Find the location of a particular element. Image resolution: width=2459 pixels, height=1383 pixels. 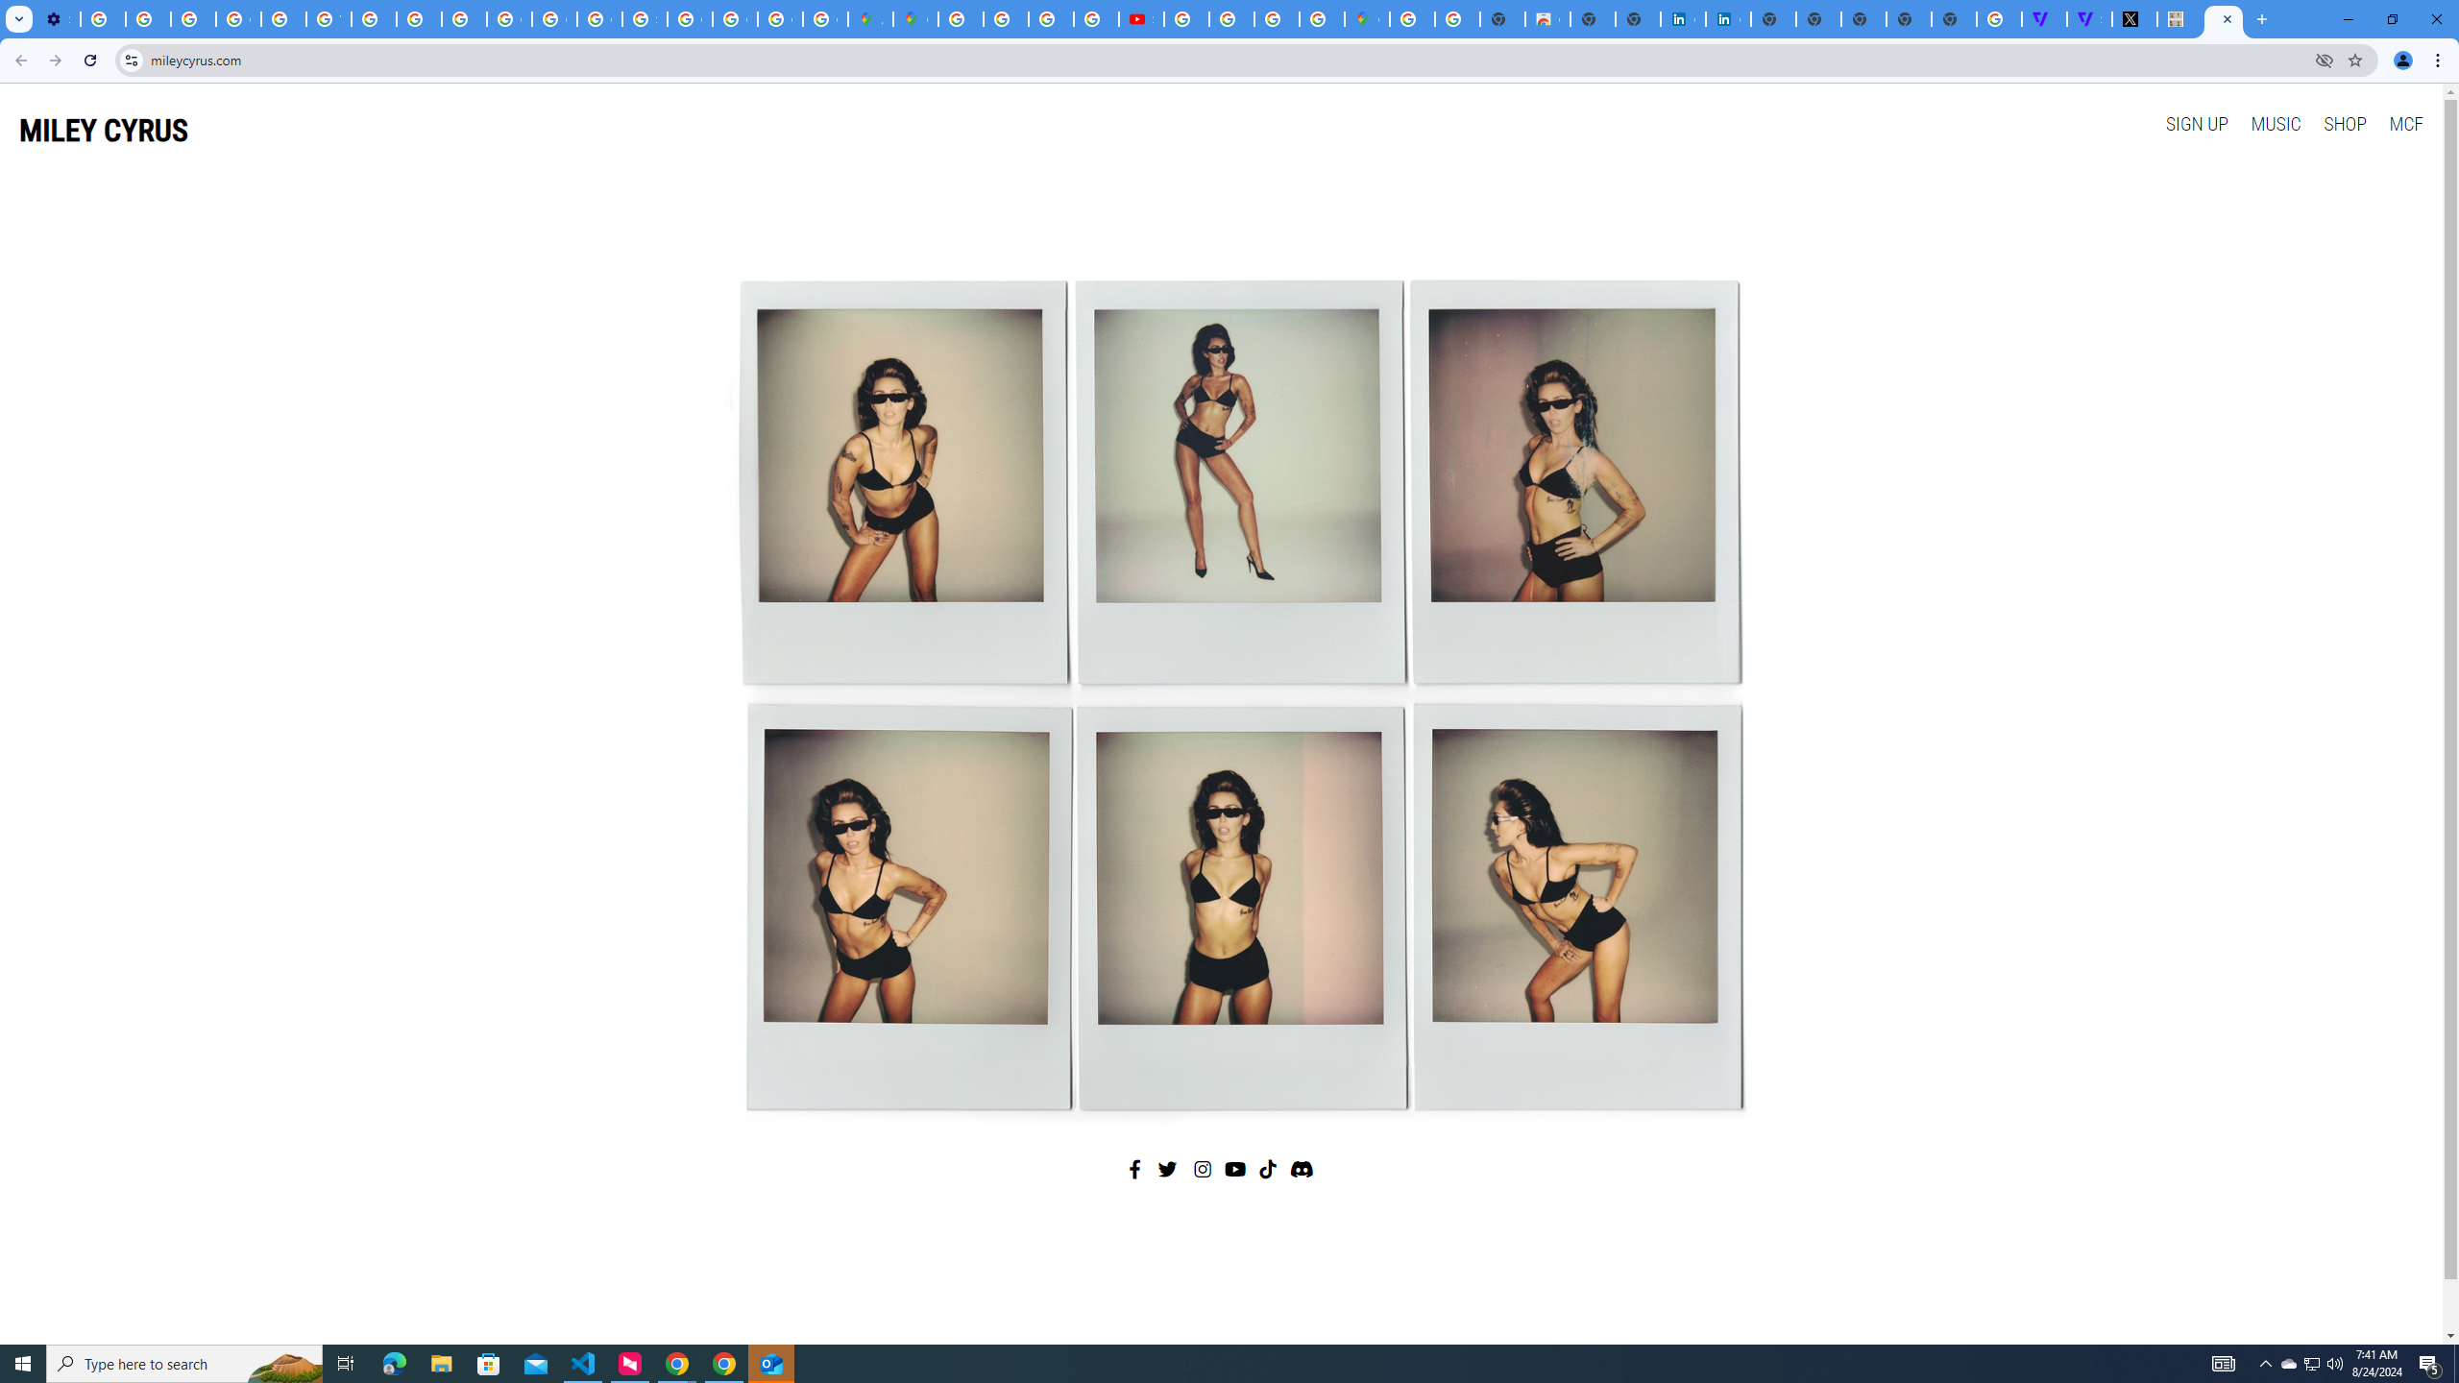

'MILEY CYRUS' is located at coordinates (103, 130).